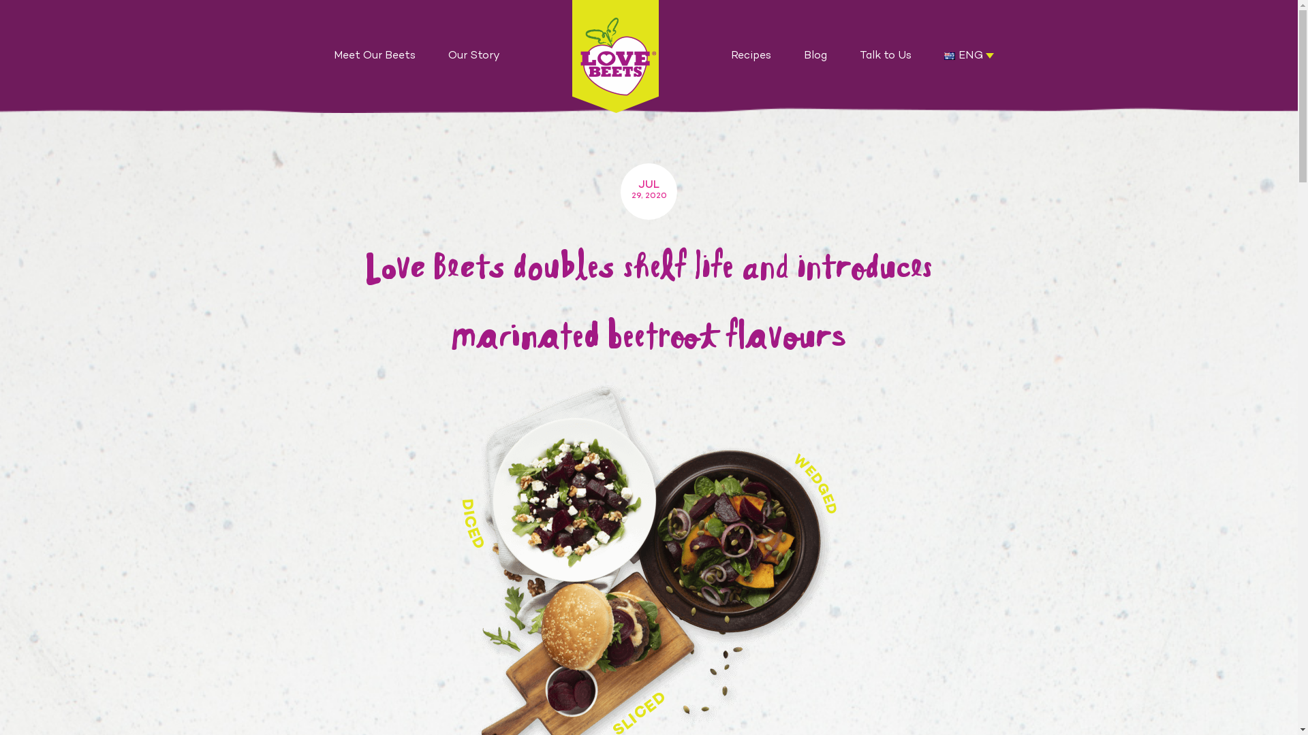  What do you see at coordinates (474, 56) in the screenshot?
I see `'Our Story'` at bounding box center [474, 56].